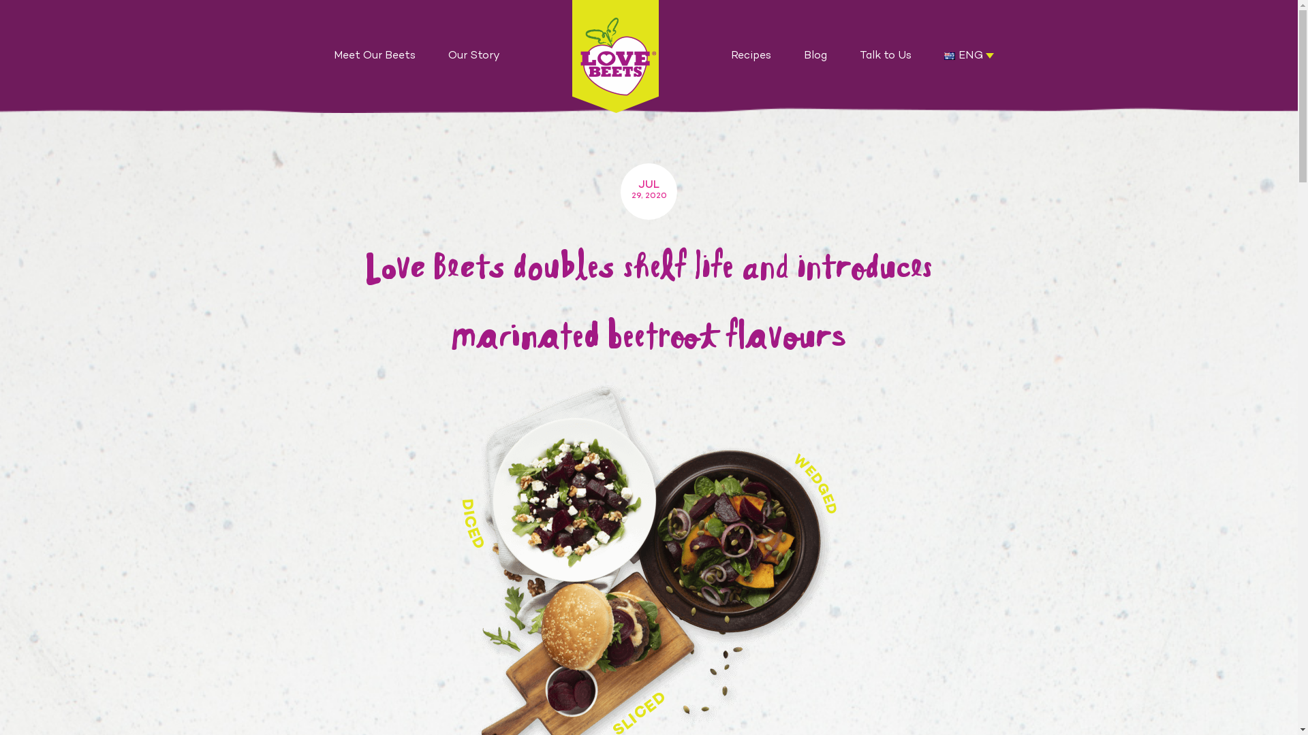  What do you see at coordinates (474, 56) in the screenshot?
I see `'Our Story'` at bounding box center [474, 56].